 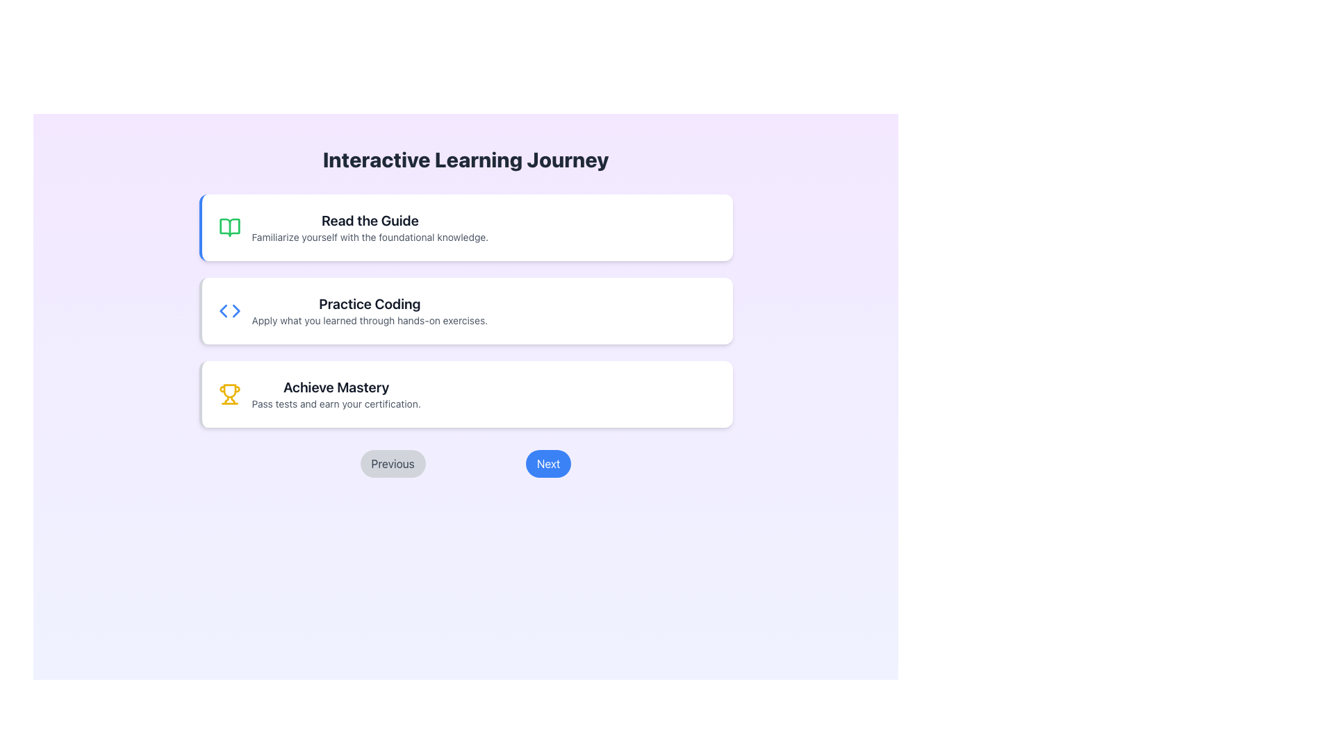 I want to click on the text label styled with a large, bold font that serves as the main heading for the section titled 'Achieve Mastery', located centrally within the third section of a vertical list of steps, so click(x=336, y=387).